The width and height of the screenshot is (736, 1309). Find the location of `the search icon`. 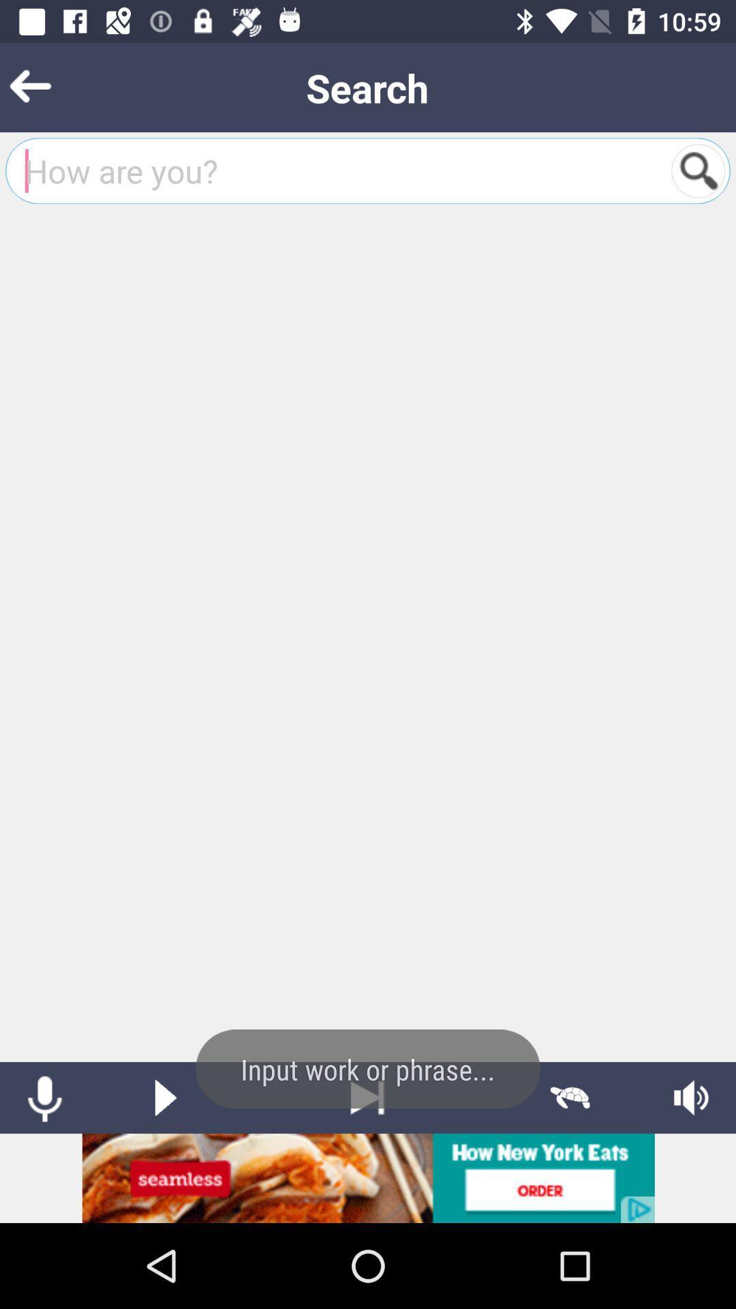

the search icon is located at coordinates (698, 170).